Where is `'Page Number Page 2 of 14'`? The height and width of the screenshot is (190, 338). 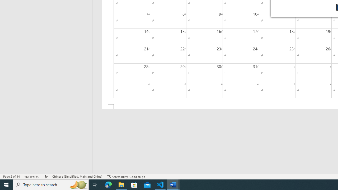
'Page Number Page 2 of 14' is located at coordinates (11, 177).